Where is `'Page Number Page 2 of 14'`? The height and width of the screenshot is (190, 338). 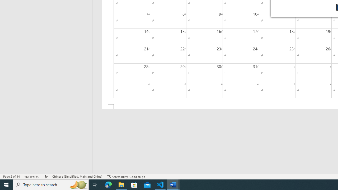
'Page Number Page 2 of 14' is located at coordinates (11, 177).